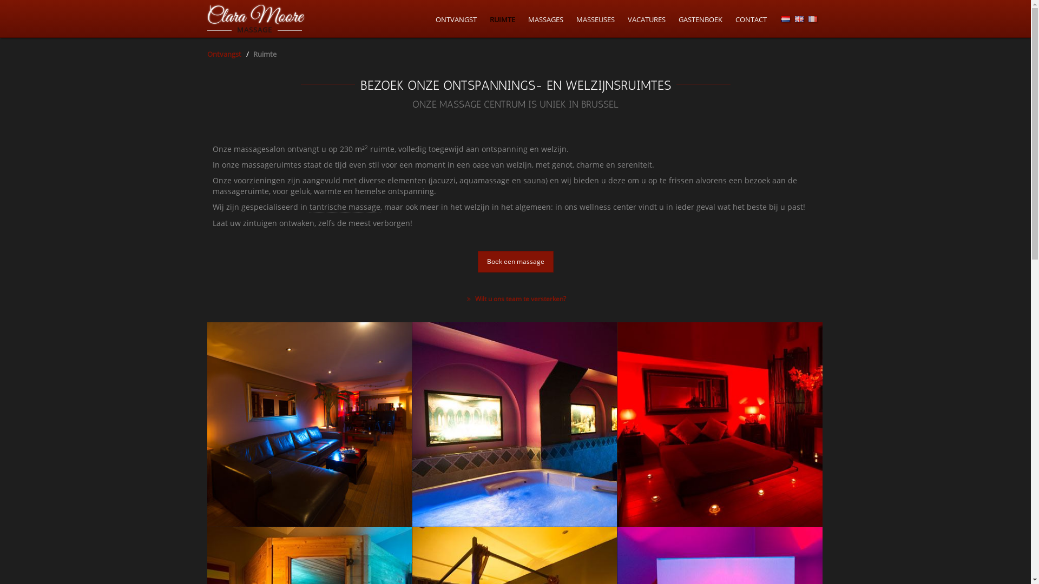 This screenshot has width=1039, height=584. Describe the element at coordinates (799, 19) in the screenshot. I see `'Website Engelse versie'` at that location.